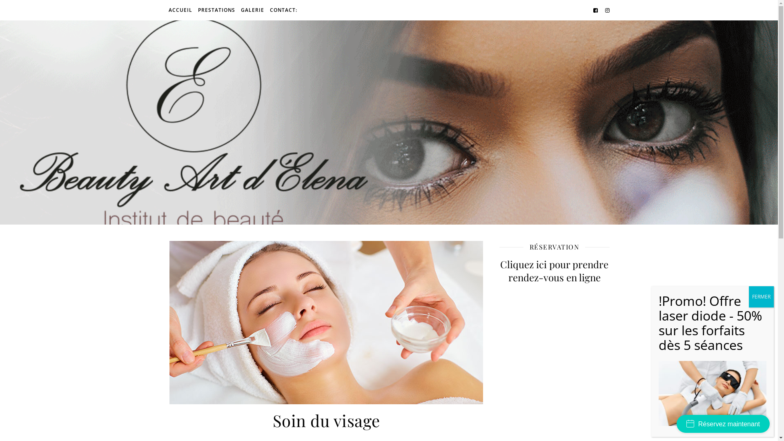  I want to click on 'CONTACT:', so click(282, 10).